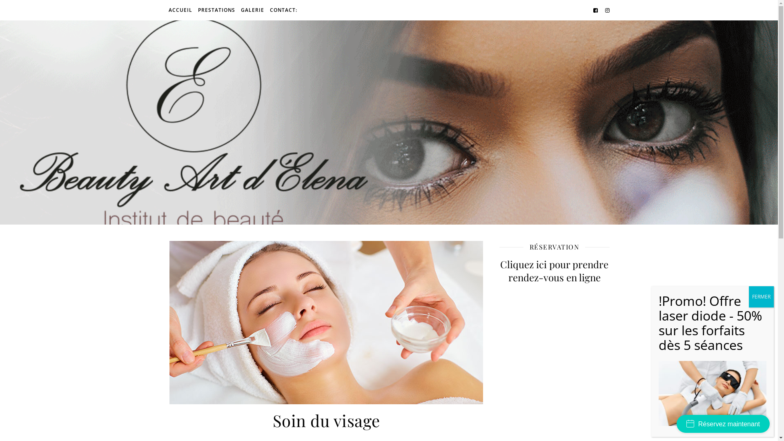  I want to click on 'CONTACT:', so click(282, 10).